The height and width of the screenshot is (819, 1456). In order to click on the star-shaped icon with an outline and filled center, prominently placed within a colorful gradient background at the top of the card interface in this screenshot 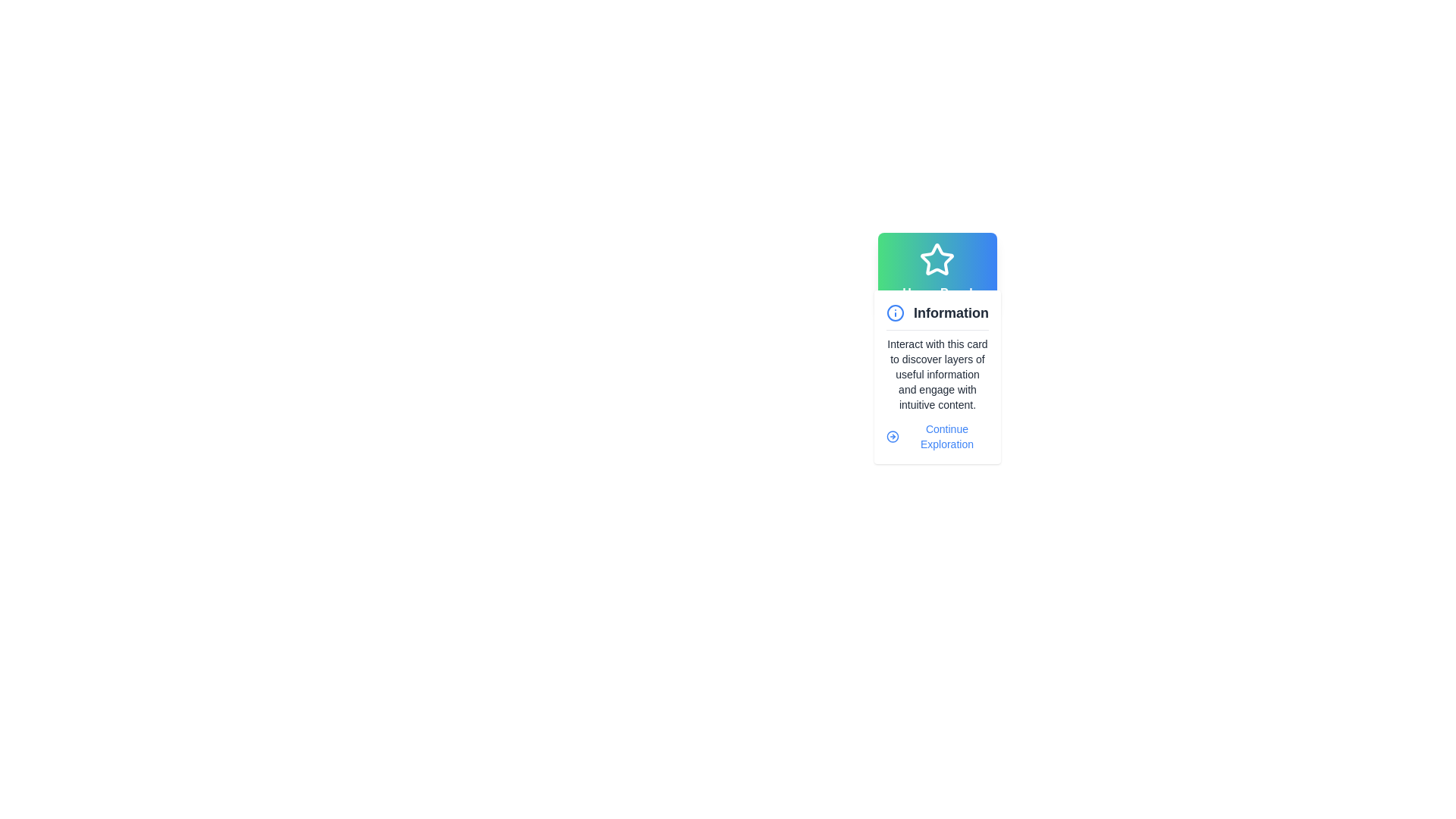, I will do `click(937, 259)`.